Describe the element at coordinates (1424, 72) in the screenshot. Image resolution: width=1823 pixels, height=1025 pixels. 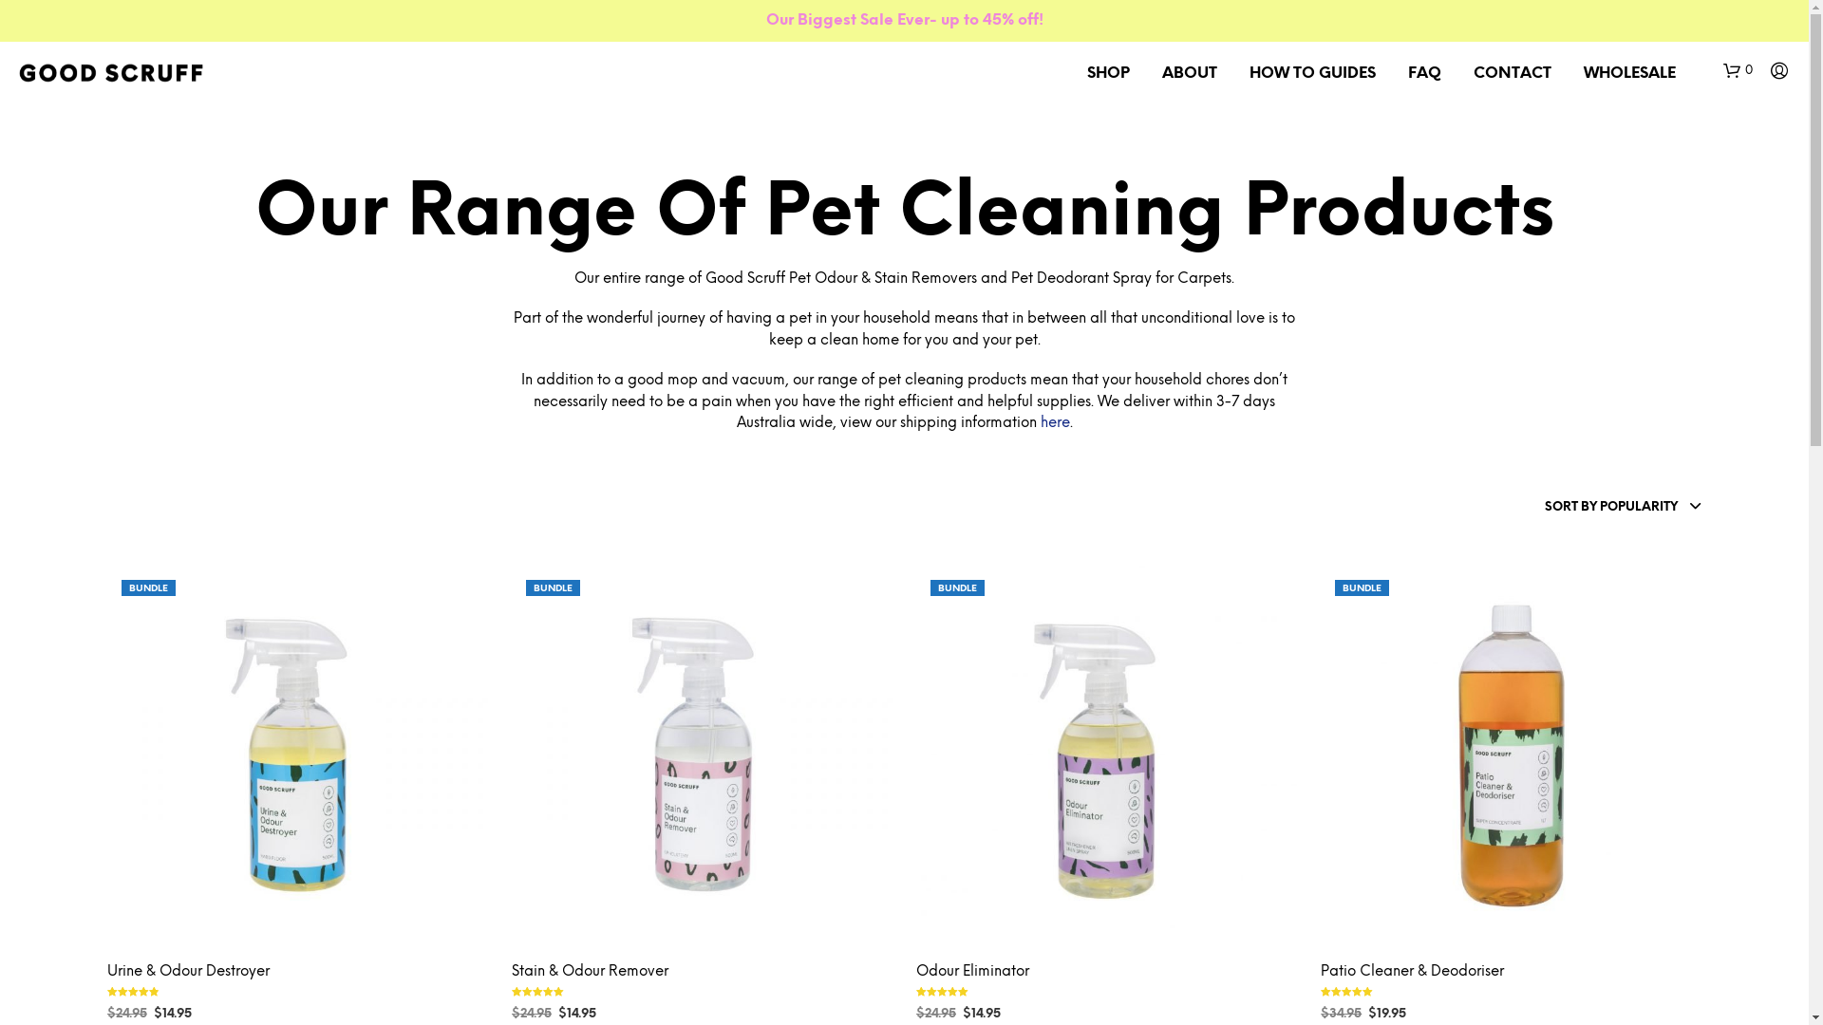
I see `'FAQ'` at that location.